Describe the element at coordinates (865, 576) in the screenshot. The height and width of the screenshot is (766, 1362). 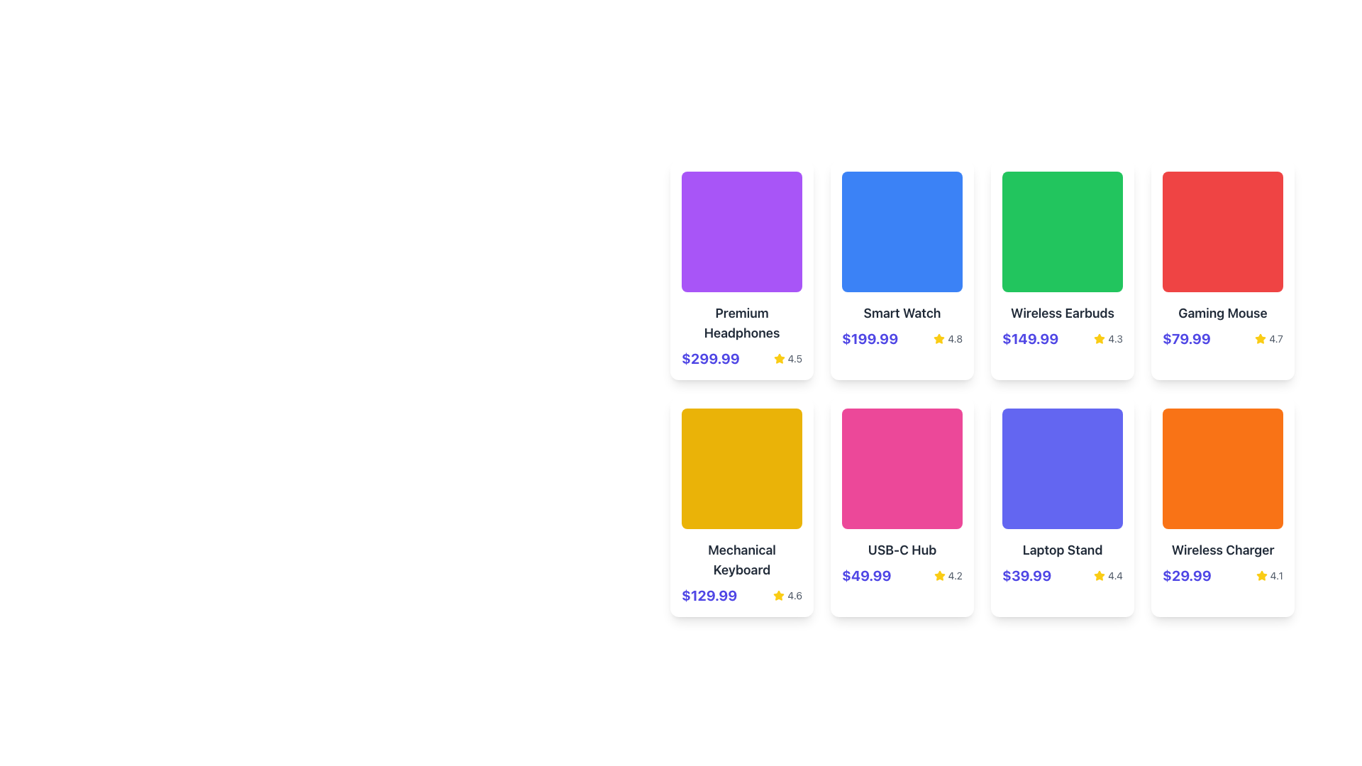
I see `the text label displaying the product price located at the bottom-left of the product card` at that location.